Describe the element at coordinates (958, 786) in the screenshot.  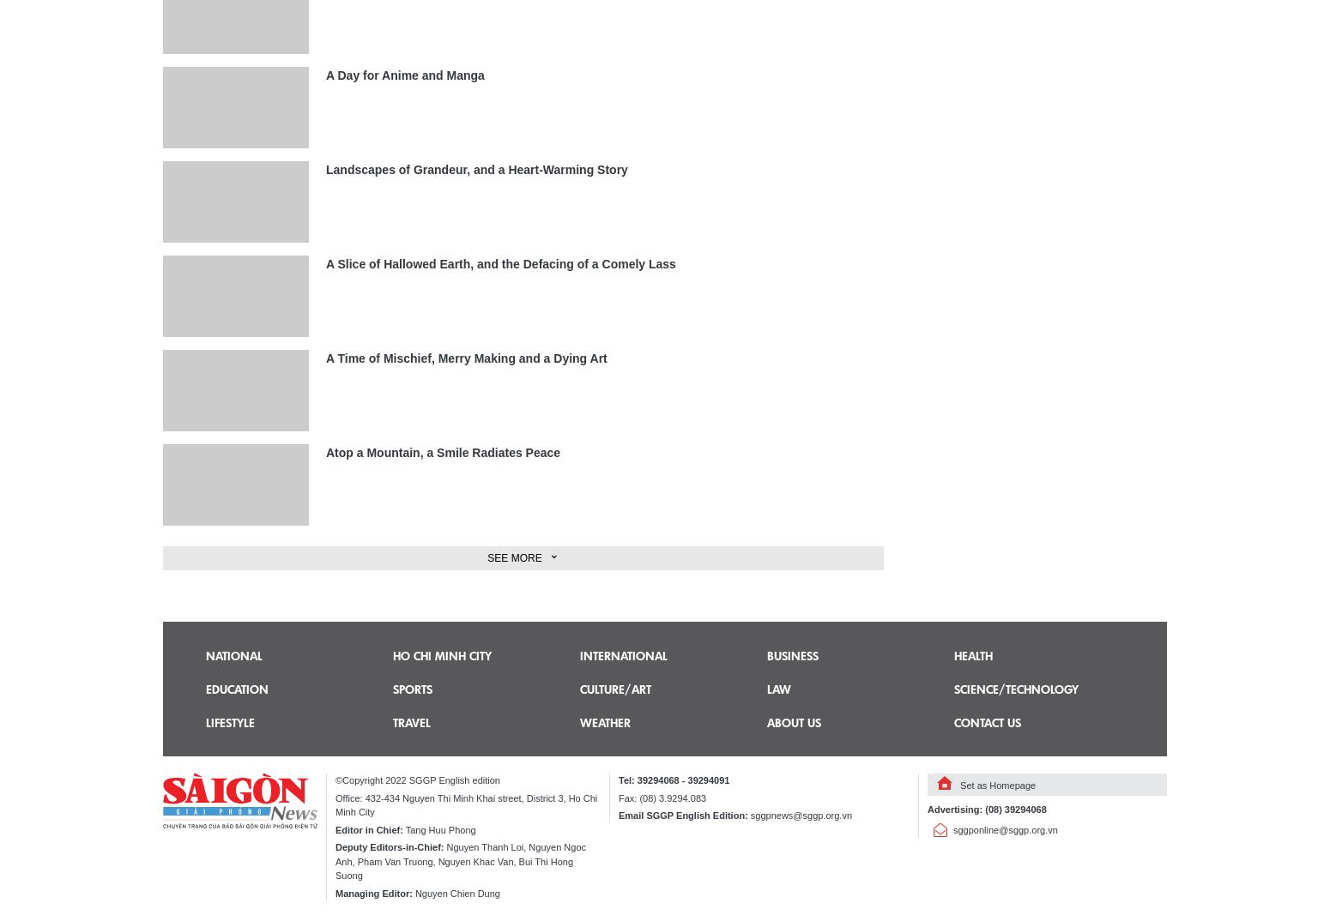
I see `'Set as Homepage'` at that location.